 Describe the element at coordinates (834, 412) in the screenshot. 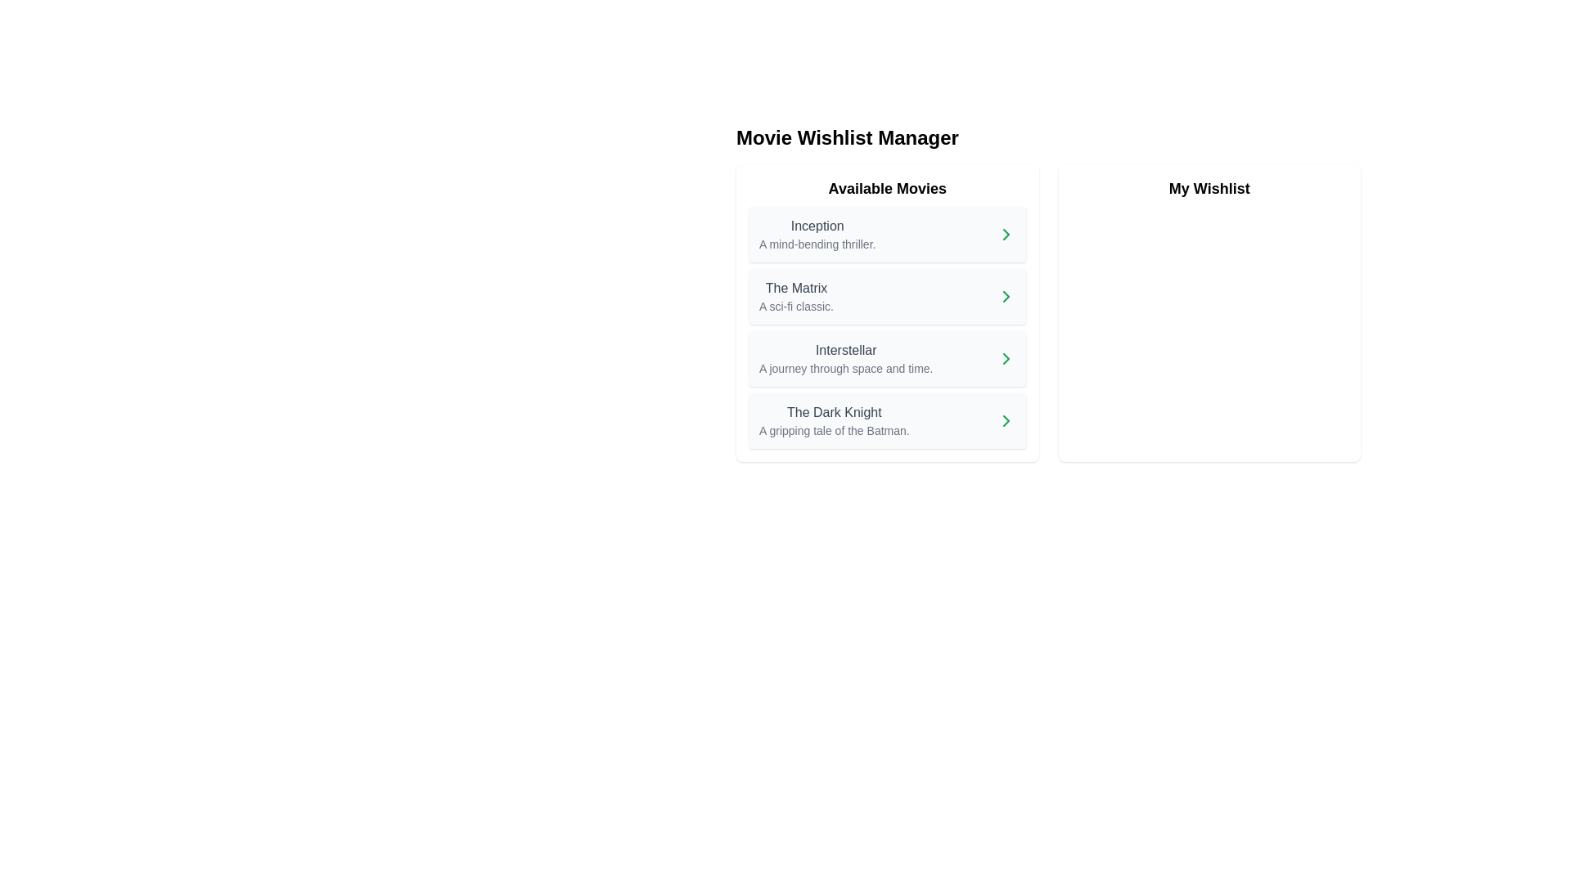

I see `the text label 'The Dark Knight' which is the first item in the list of movie titles under 'Available Movies'` at that location.